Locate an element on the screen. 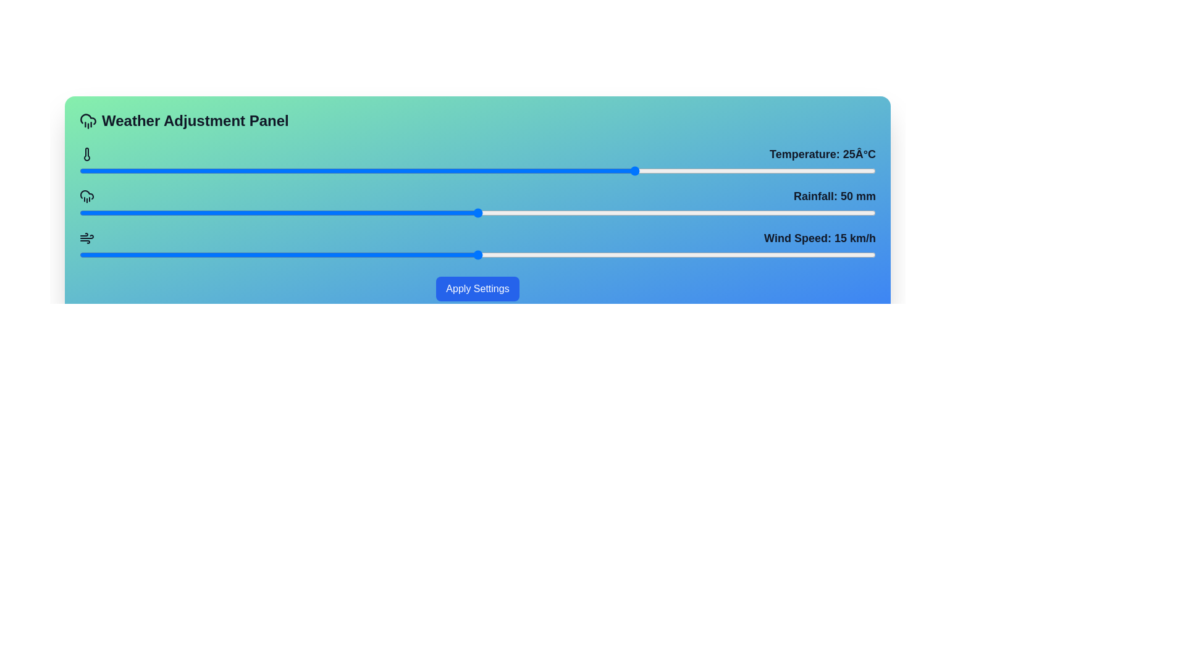  the marker of the slider labeled 'Wind Speed: 15 km/h' is located at coordinates (477, 245).